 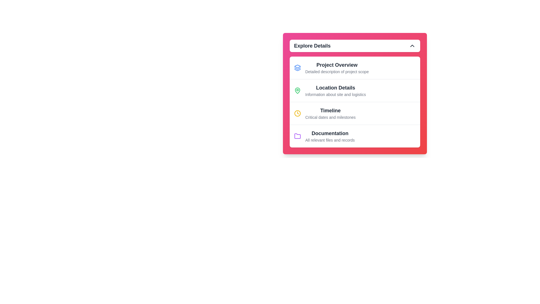 I want to click on the folder icon representing the 'Documentation' section, which is the leftmost component in the list for file and record management, so click(x=297, y=136).